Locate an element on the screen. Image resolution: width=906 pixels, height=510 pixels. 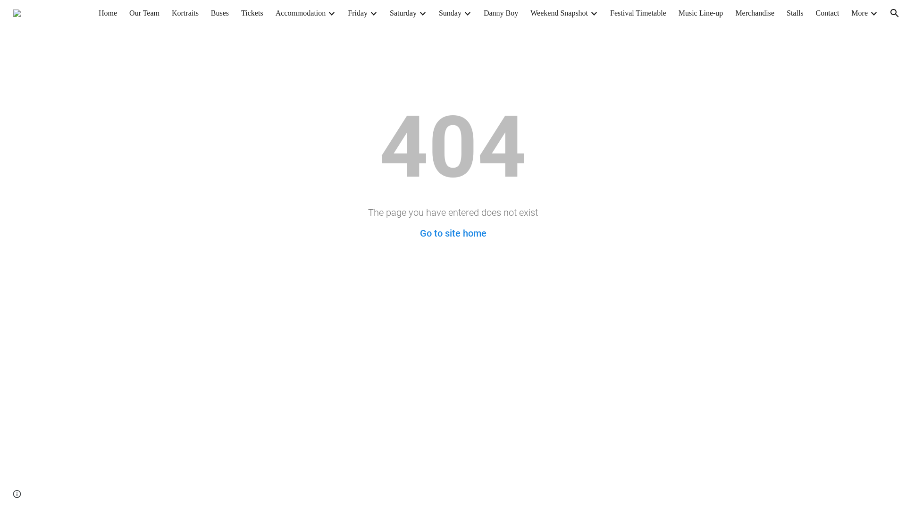
'Music Line-up' is located at coordinates (701, 13).